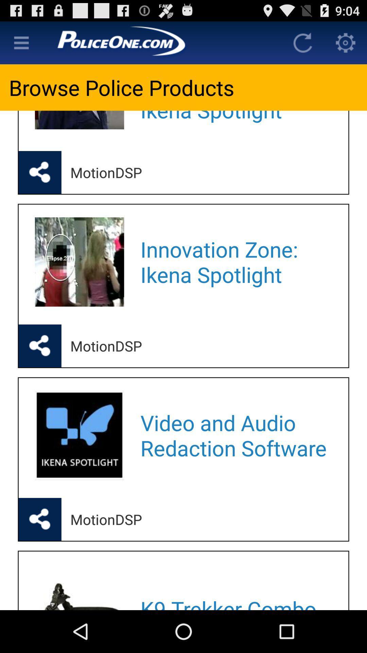 This screenshot has width=367, height=653. I want to click on the app above the browse police products icon, so click(21, 42).